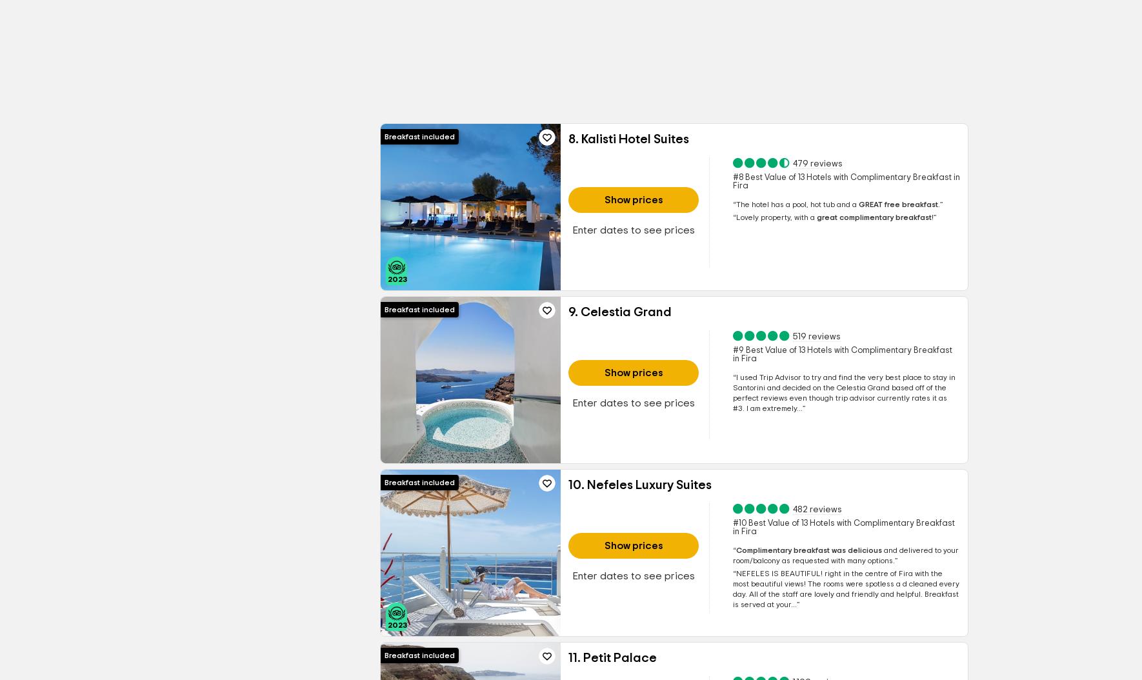 The image size is (1142, 680). Describe the element at coordinates (639, 485) in the screenshot. I see `'10. Nefeles Luxury Suites'` at that location.